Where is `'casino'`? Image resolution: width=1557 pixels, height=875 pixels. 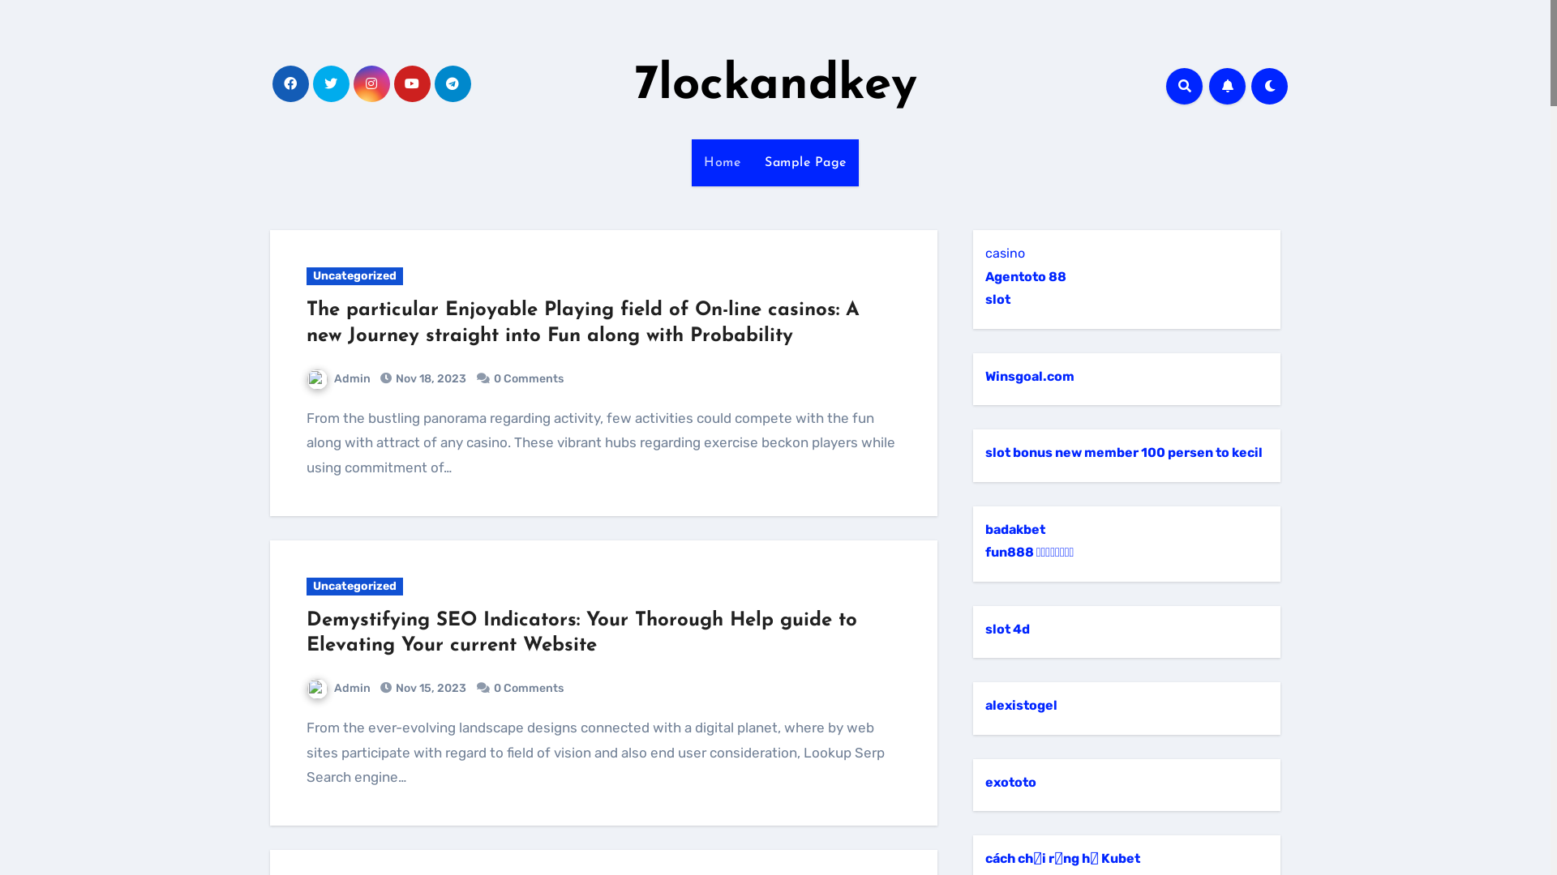 'casino' is located at coordinates (1004, 253).